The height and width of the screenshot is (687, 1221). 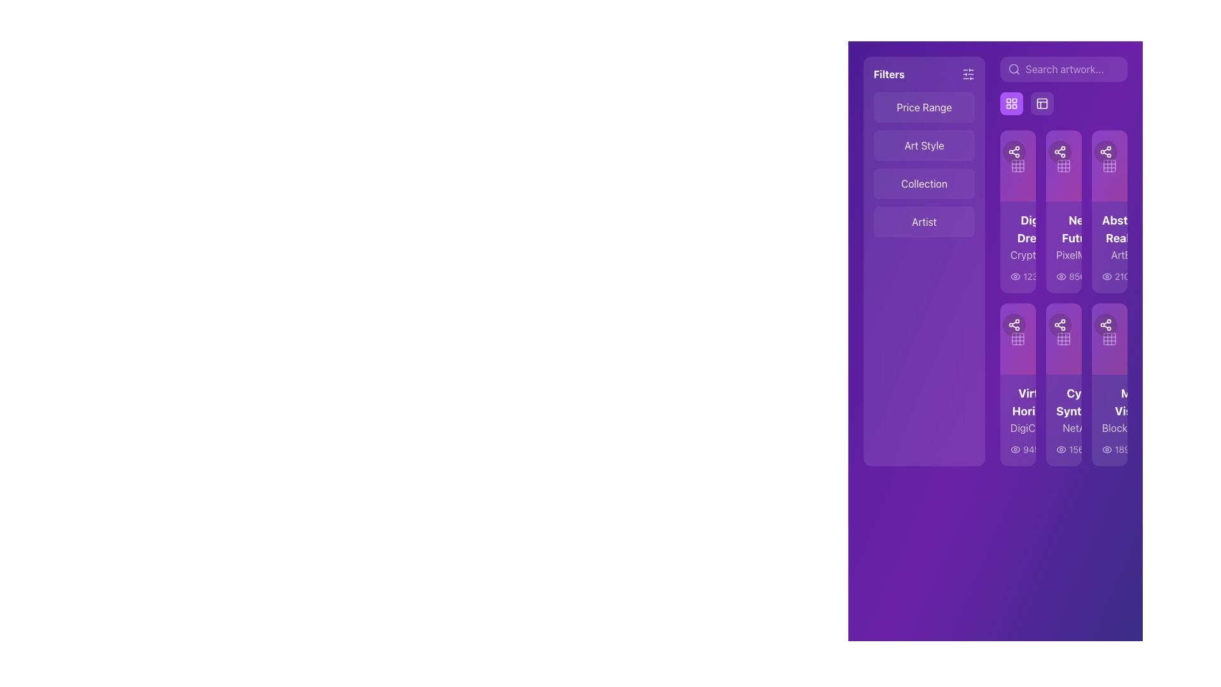 I want to click on the second button in the top-right corner of the card, so click(x=1105, y=324).